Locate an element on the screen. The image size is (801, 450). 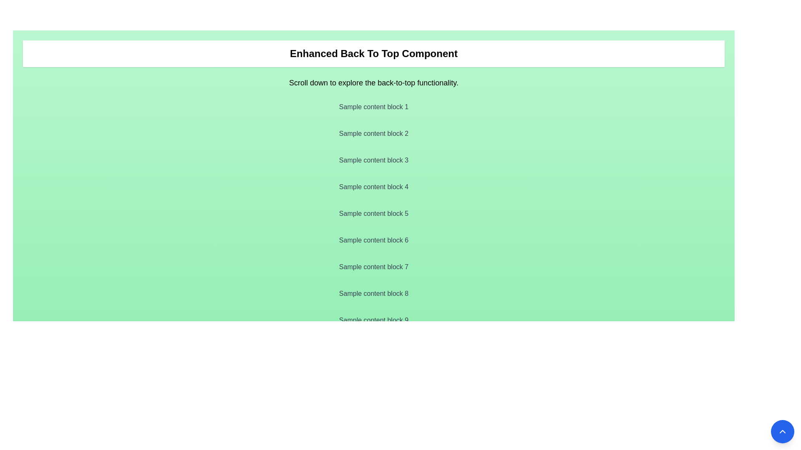
the seventh text block labeled 'Sample content block 7', which is positioned between 'Sample content block 6' and 'Sample content block 8' is located at coordinates (373, 267).